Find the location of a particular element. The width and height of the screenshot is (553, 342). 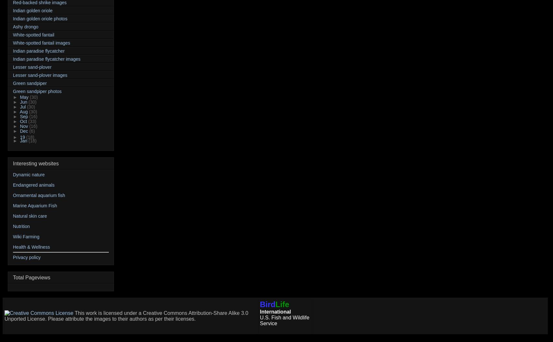

'(33)' is located at coordinates (28, 121).